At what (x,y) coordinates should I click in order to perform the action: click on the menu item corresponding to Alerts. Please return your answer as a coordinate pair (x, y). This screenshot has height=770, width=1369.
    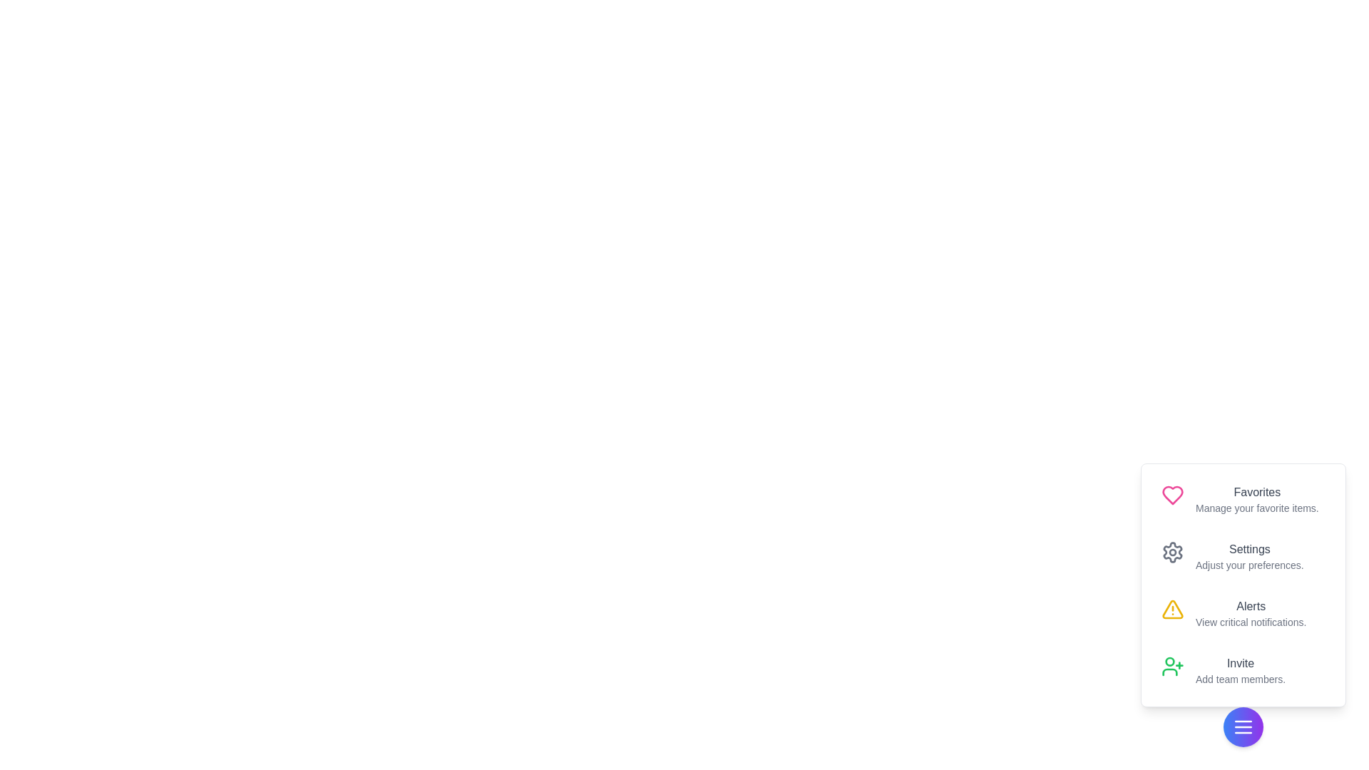
    Looking at the image, I should click on (1242, 612).